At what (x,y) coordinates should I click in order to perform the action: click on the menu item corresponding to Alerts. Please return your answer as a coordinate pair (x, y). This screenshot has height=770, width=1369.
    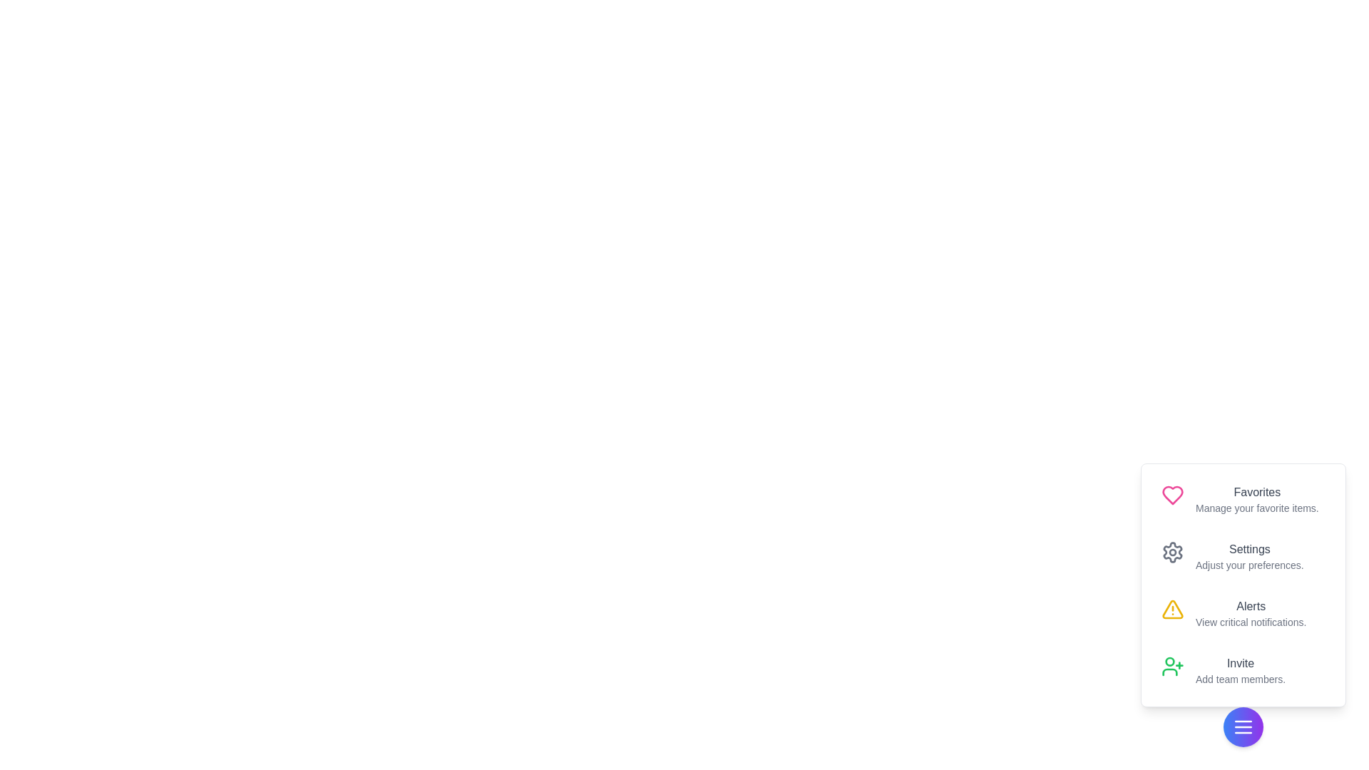
    Looking at the image, I should click on (1242, 612).